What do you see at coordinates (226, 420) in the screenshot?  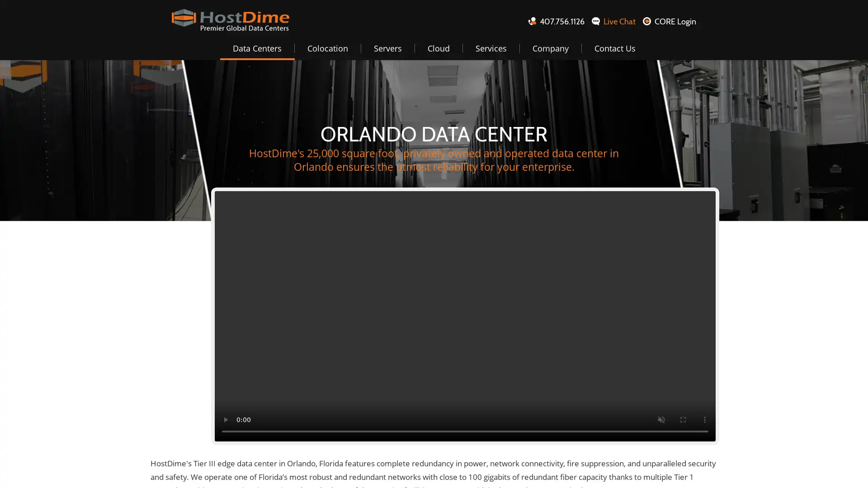 I see `play` at bounding box center [226, 420].